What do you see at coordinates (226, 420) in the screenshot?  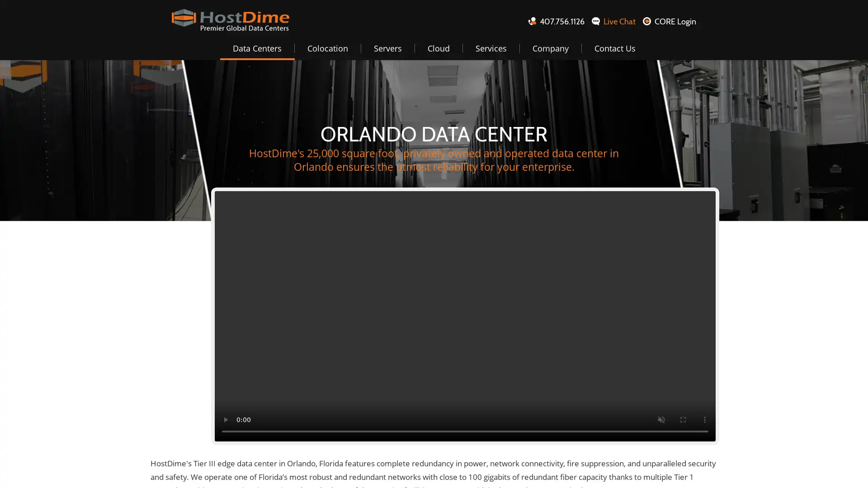 I see `play` at bounding box center [226, 420].